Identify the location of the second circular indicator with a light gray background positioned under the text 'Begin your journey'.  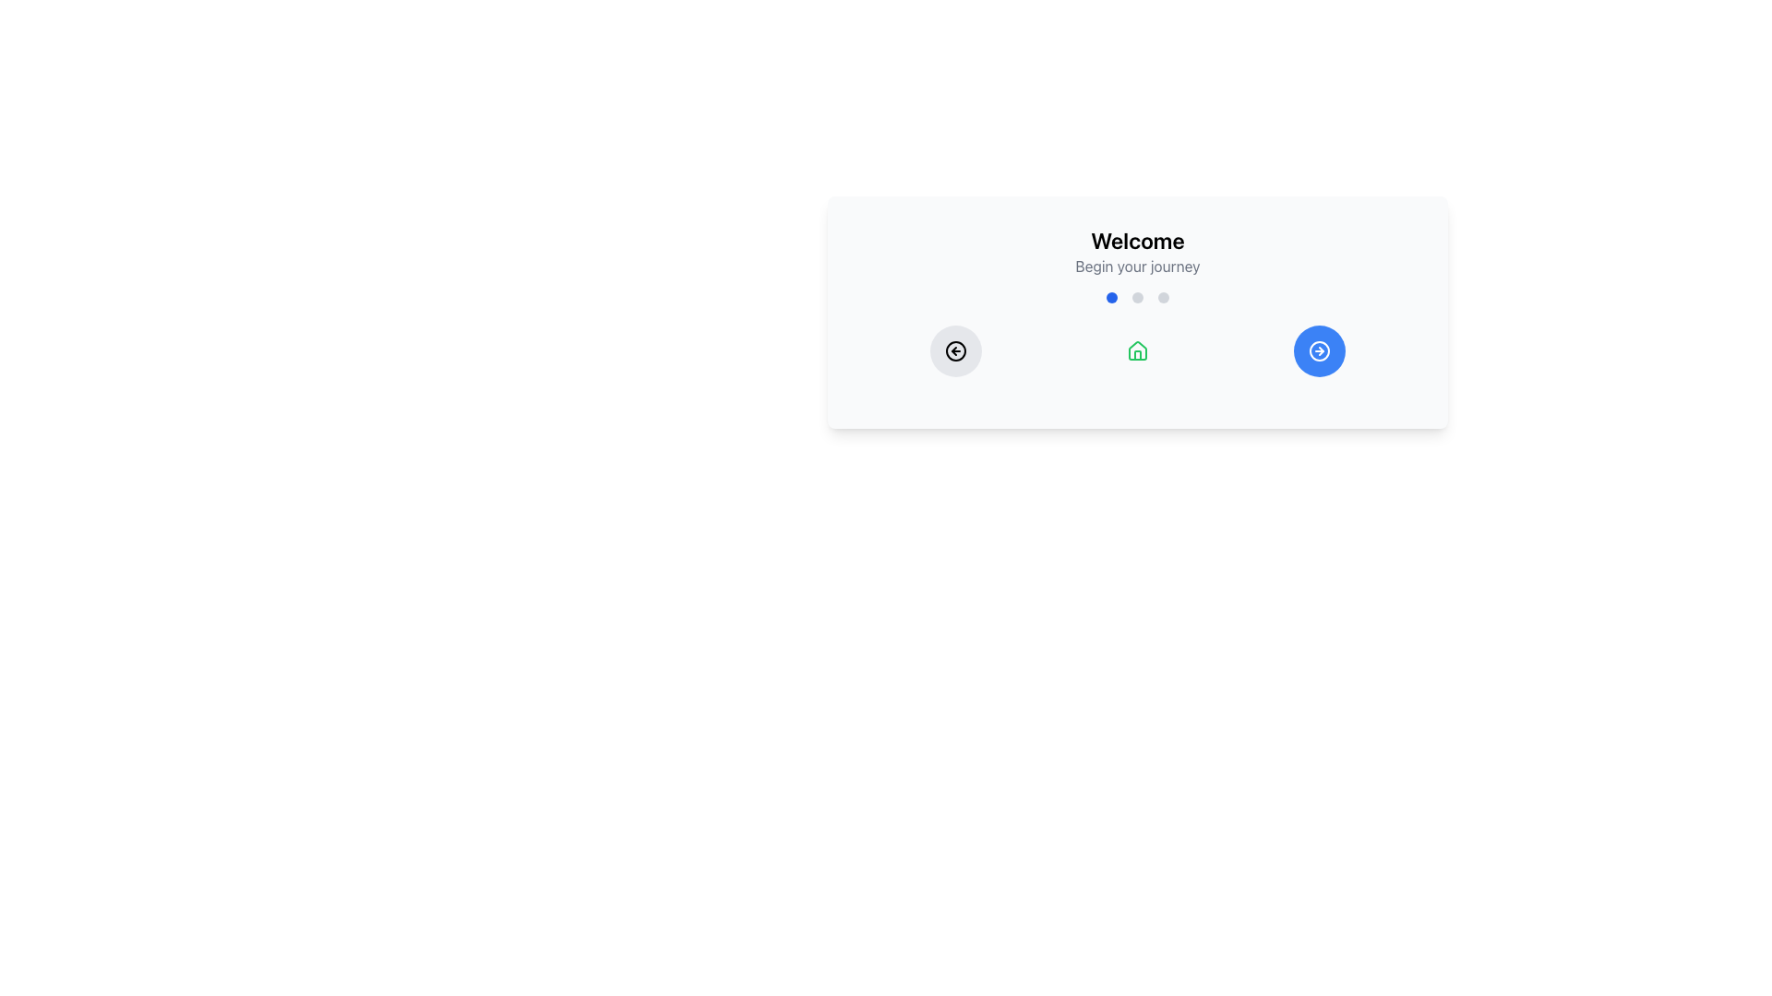
(1137, 297).